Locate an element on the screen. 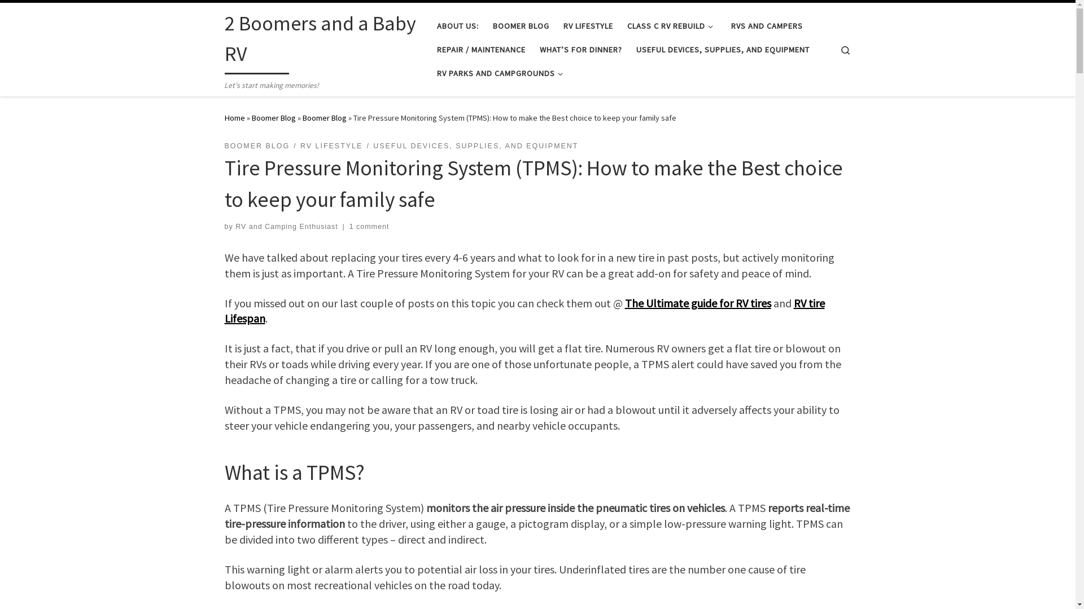 The width and height of the screenshot is (1084, 609). 'ABOUT US:' is located at coordinates (457, 25).